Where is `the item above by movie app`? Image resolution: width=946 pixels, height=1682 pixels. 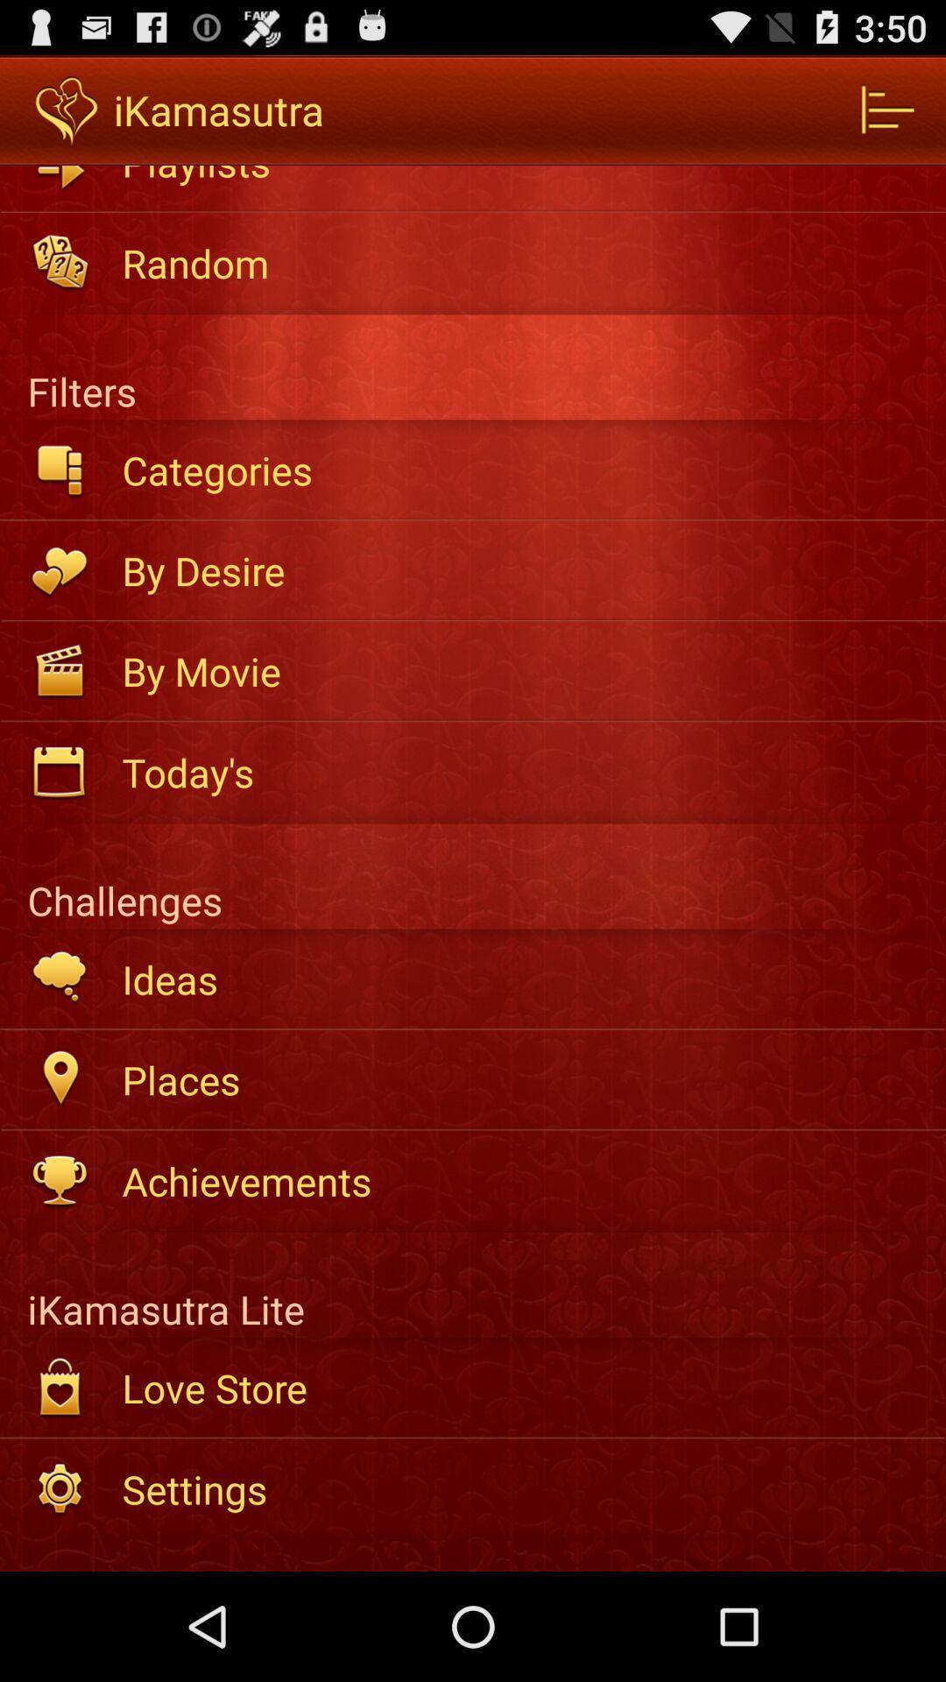 the item above by movie app is located at coordinates (521, 570).